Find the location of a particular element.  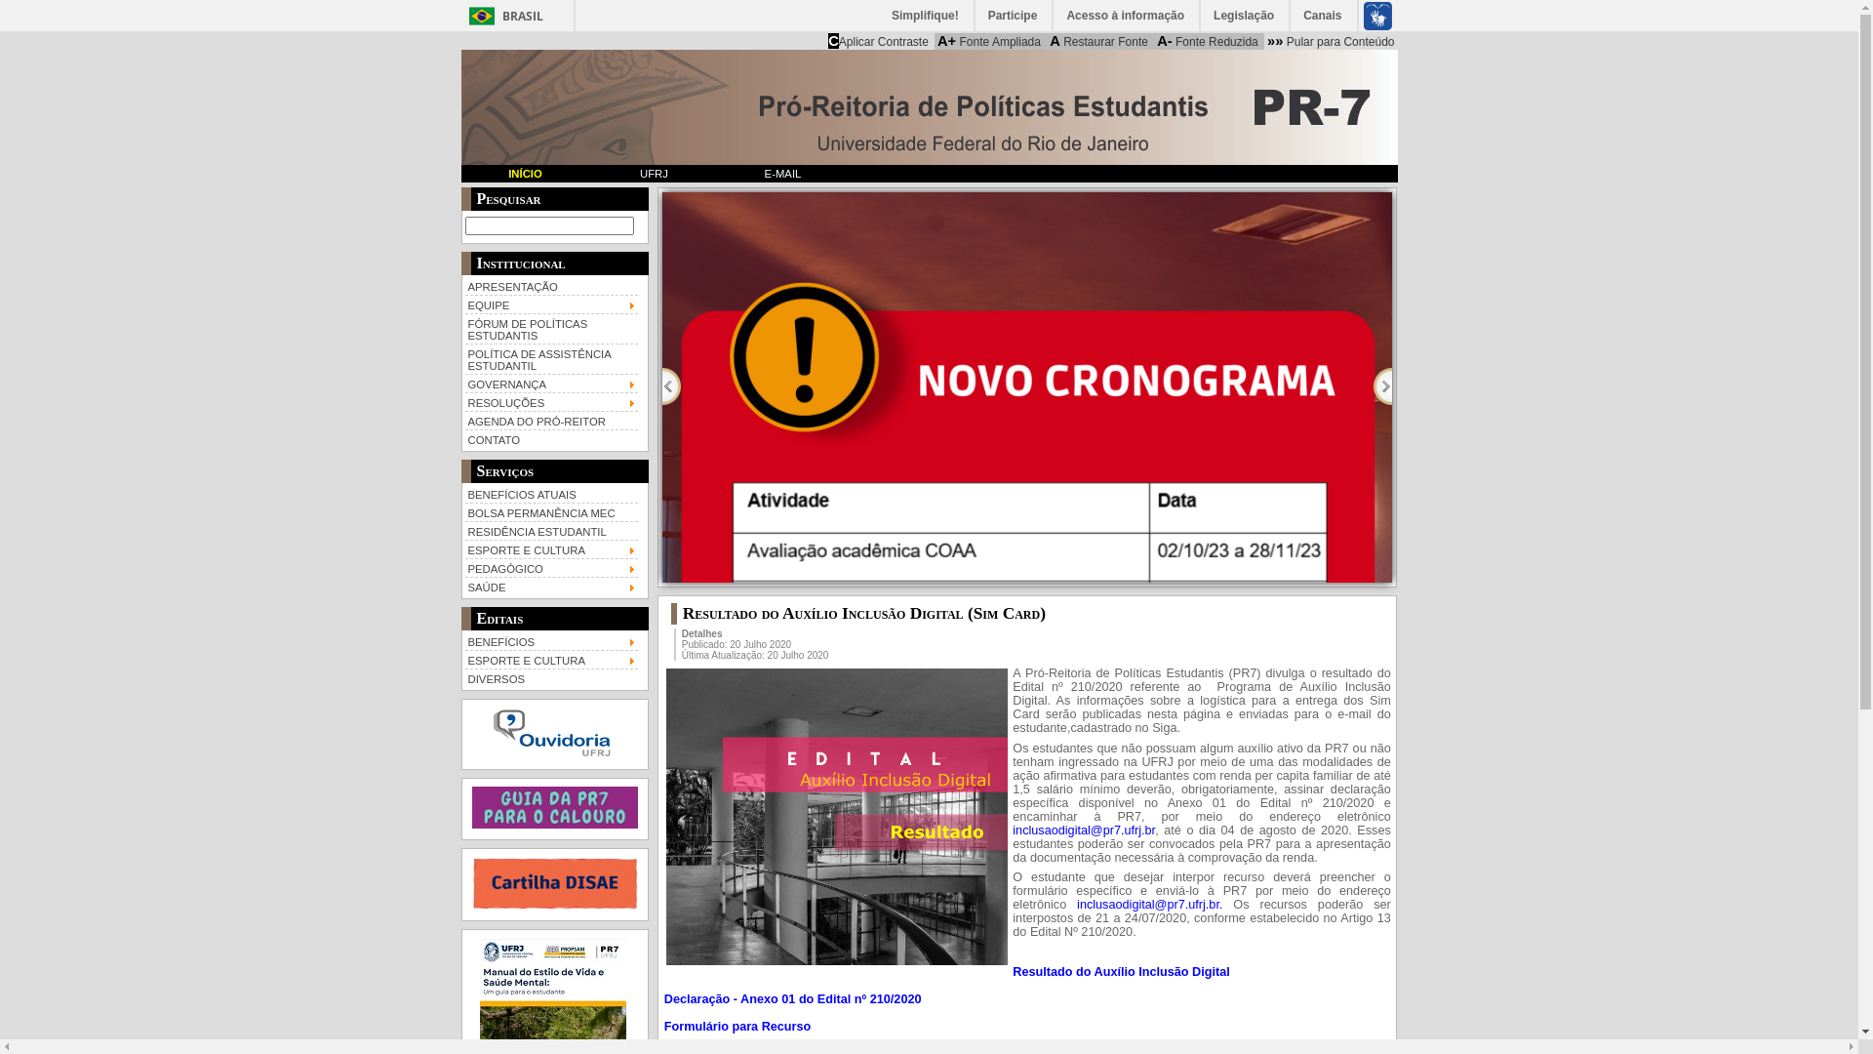

'E-MAIL' is located at coordinates (781, 172).